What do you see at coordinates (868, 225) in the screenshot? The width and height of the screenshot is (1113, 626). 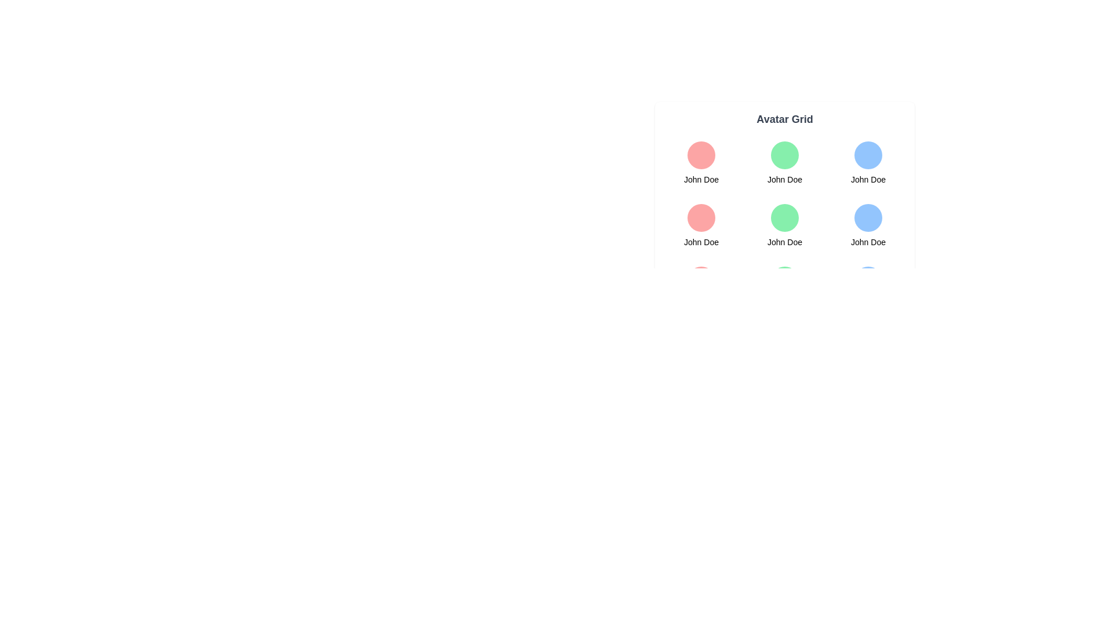 I see `the User Avatar with Label displaying 'John Doe' located in the bottom-right corner of the grid` at bounding box center [868, 225].